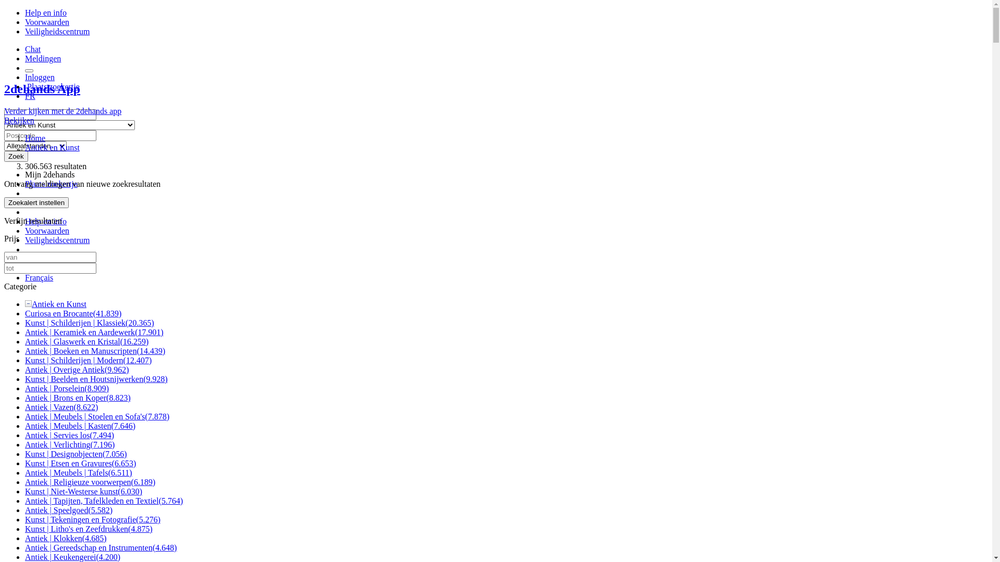  I want to click on 'Antiek | Boeken en Manuscripten(14.439)', so click(25, 351).